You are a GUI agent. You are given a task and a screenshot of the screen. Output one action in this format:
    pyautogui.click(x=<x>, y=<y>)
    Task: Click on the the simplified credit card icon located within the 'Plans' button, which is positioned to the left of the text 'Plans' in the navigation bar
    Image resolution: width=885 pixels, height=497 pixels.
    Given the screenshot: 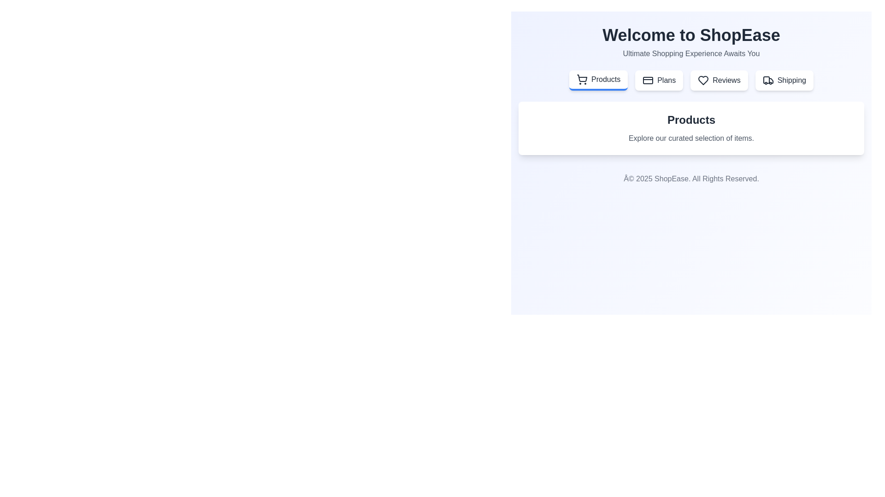 What is the action you would take?
    pyautogui.click(x=648, y=80)
    